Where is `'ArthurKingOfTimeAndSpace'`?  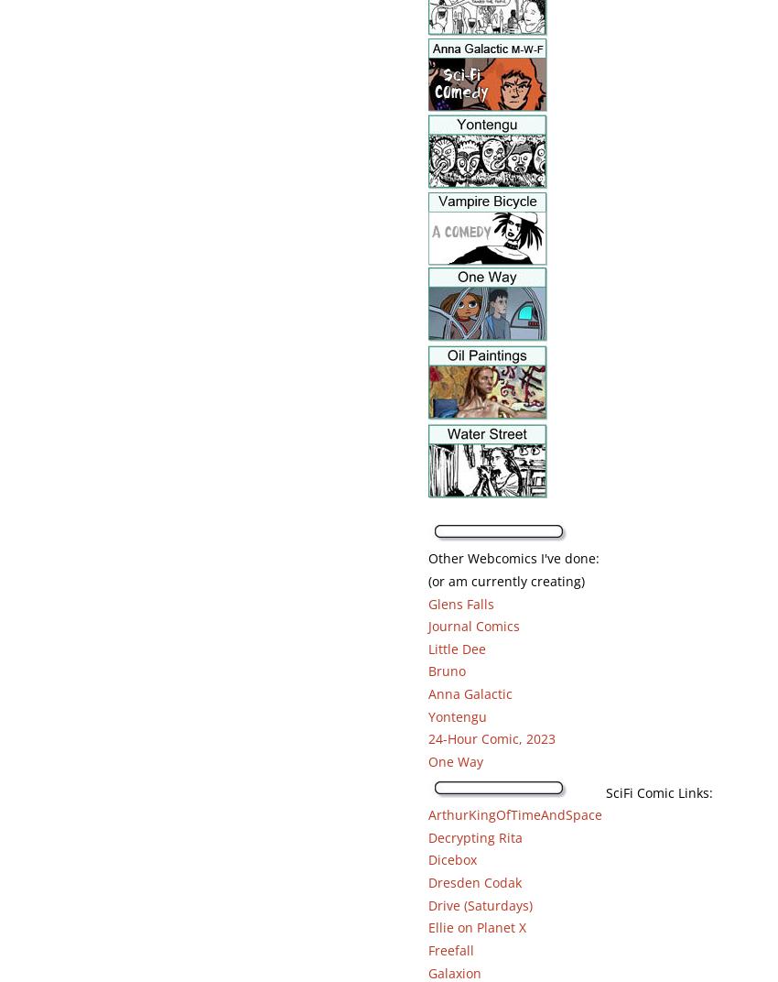
'ArthurKingOfTimeAndSpace' is located at coordinates (514, 814).